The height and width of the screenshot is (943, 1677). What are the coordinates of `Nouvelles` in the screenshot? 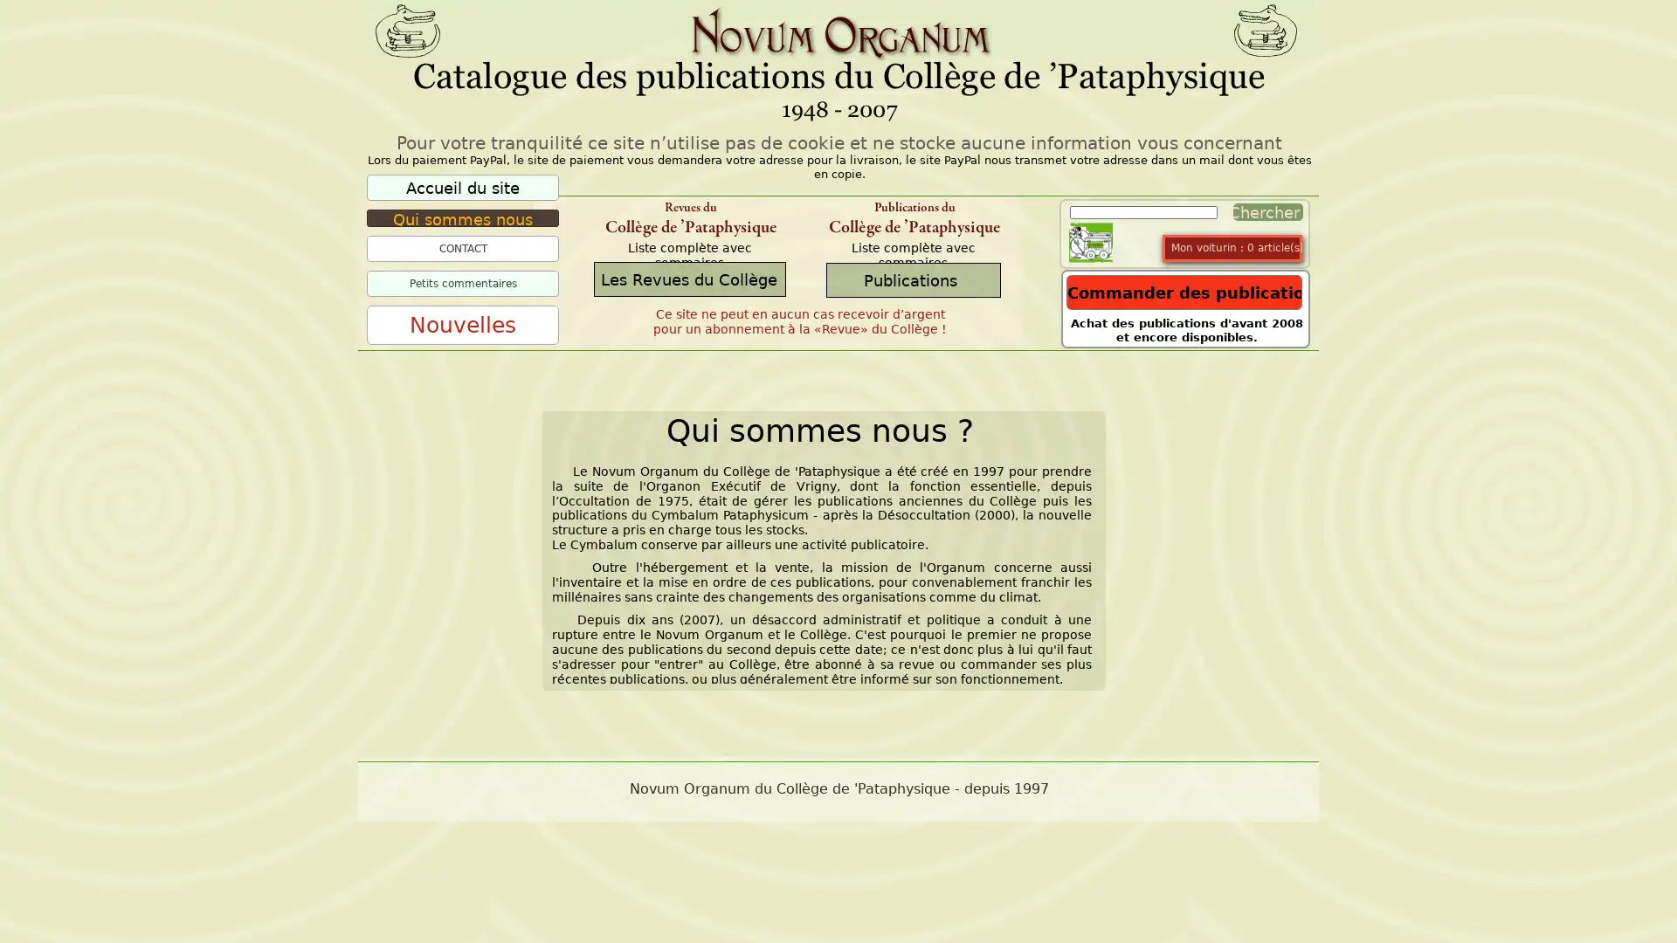 It's located at (462, 325).